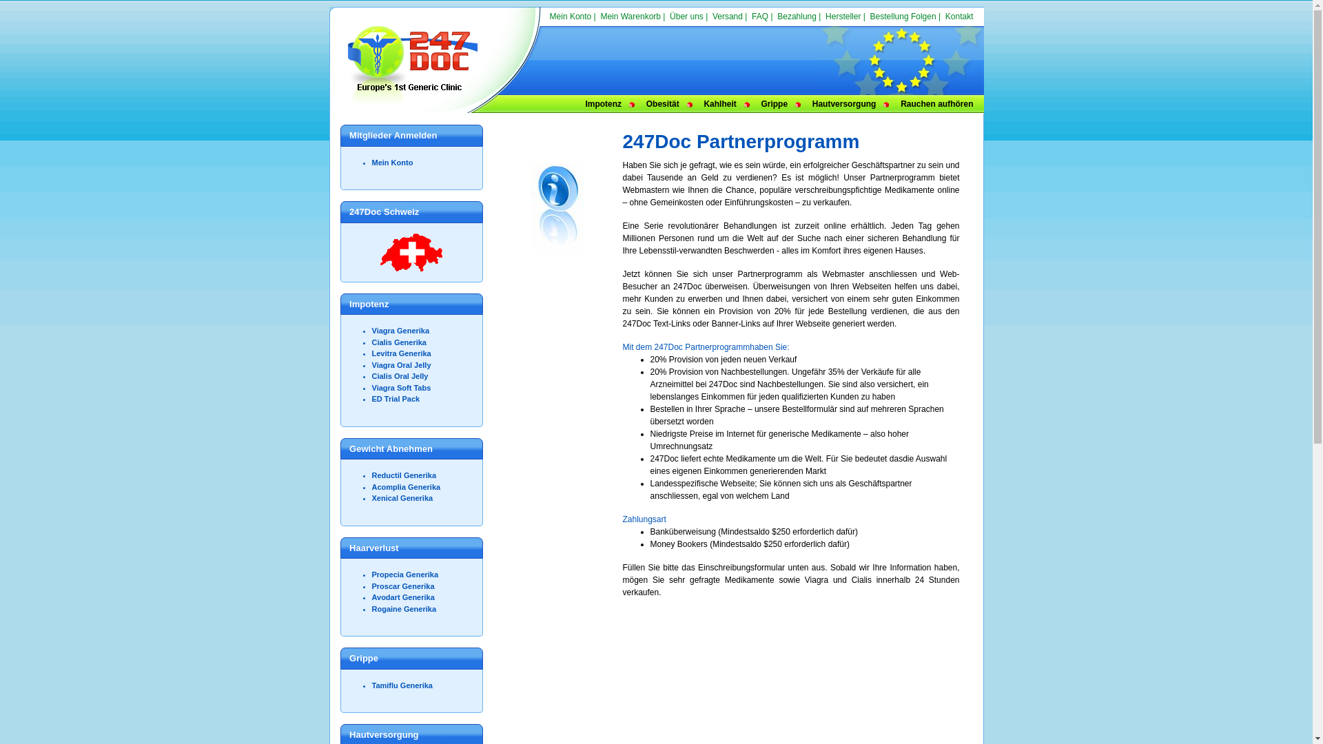 This screenshot has height=744, width=1323. What do you see at coordinates (599, 16) in the screenshot?
I see `'Mein Warenkorb'` at bounding box center [599, 16].